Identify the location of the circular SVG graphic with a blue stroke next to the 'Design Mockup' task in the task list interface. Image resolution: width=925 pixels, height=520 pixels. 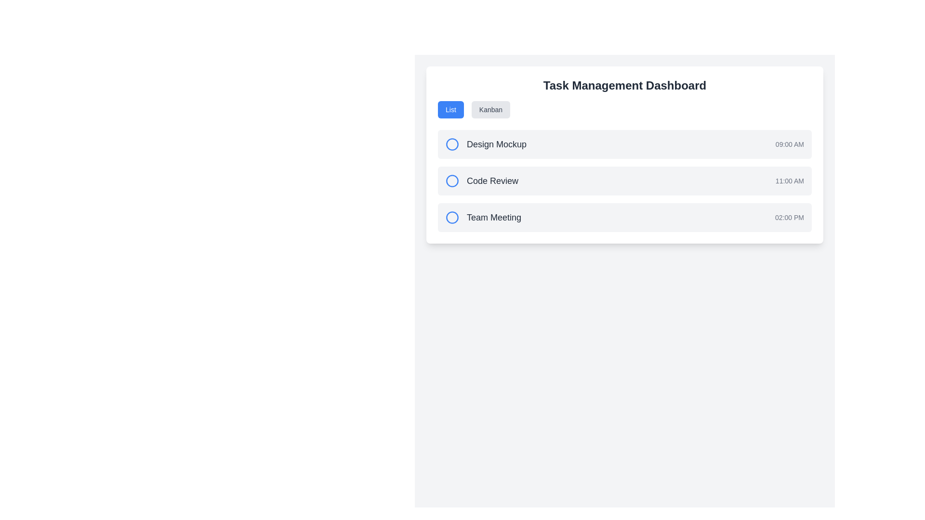
(452, 144).